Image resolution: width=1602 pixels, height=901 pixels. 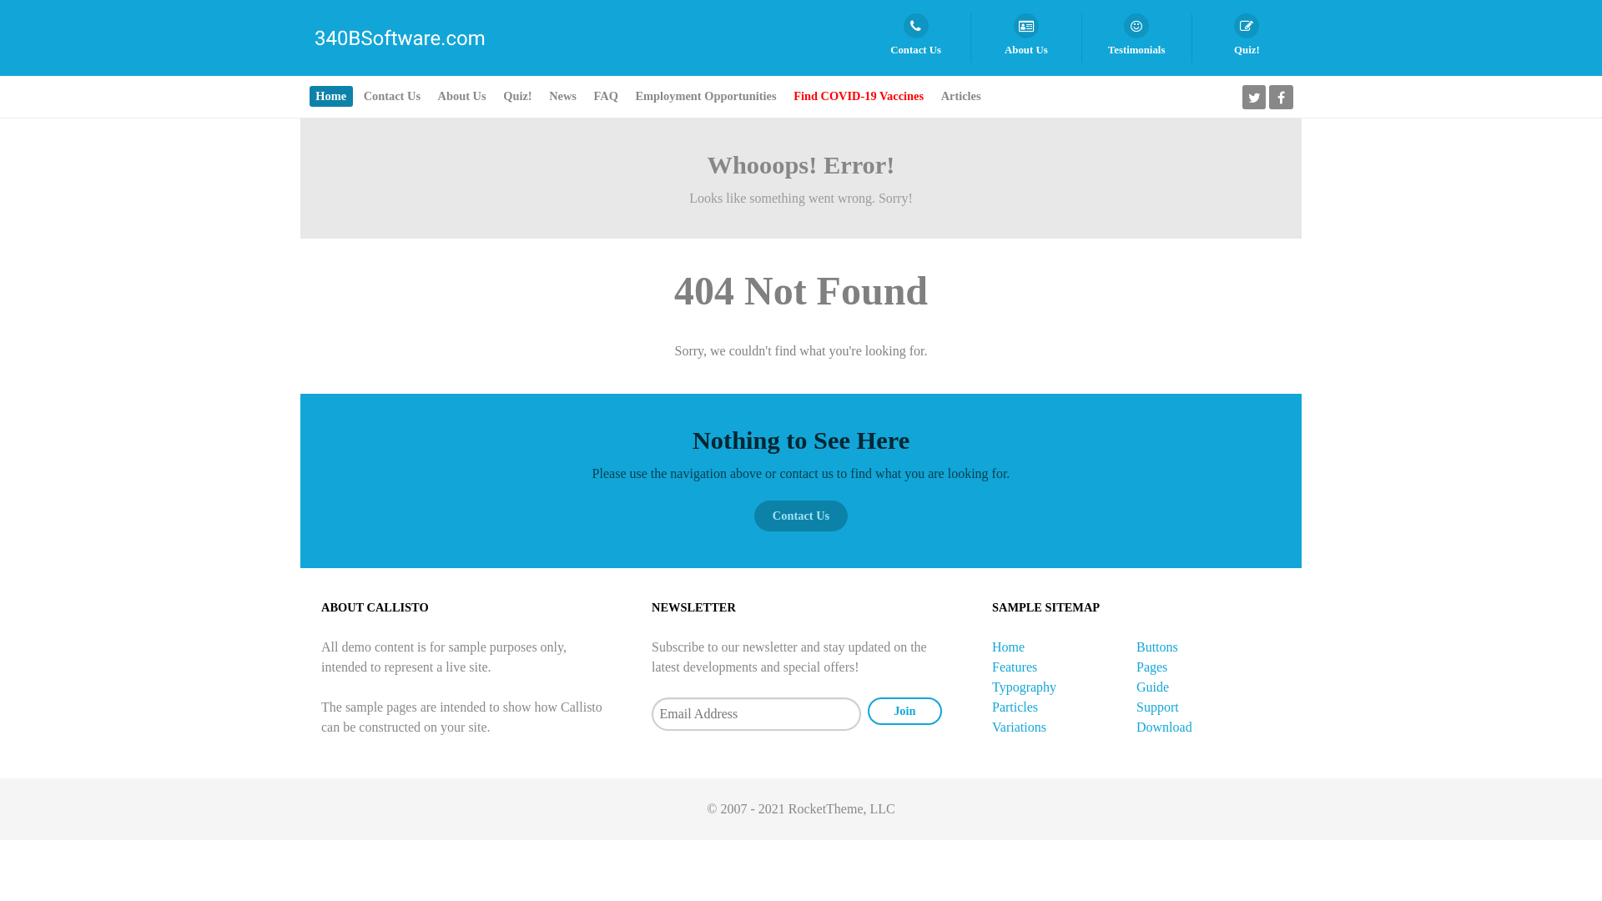 I want to click on 'Features', so click(x=992, y=666).